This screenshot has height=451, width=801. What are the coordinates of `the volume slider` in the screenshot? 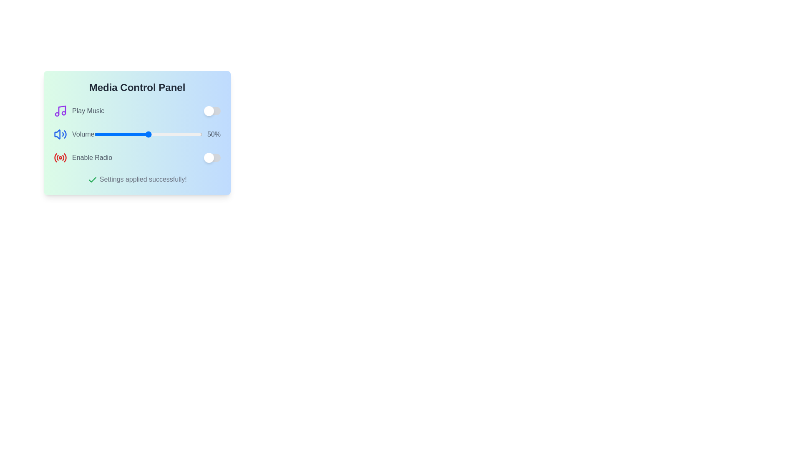 It's located at (124, 134).